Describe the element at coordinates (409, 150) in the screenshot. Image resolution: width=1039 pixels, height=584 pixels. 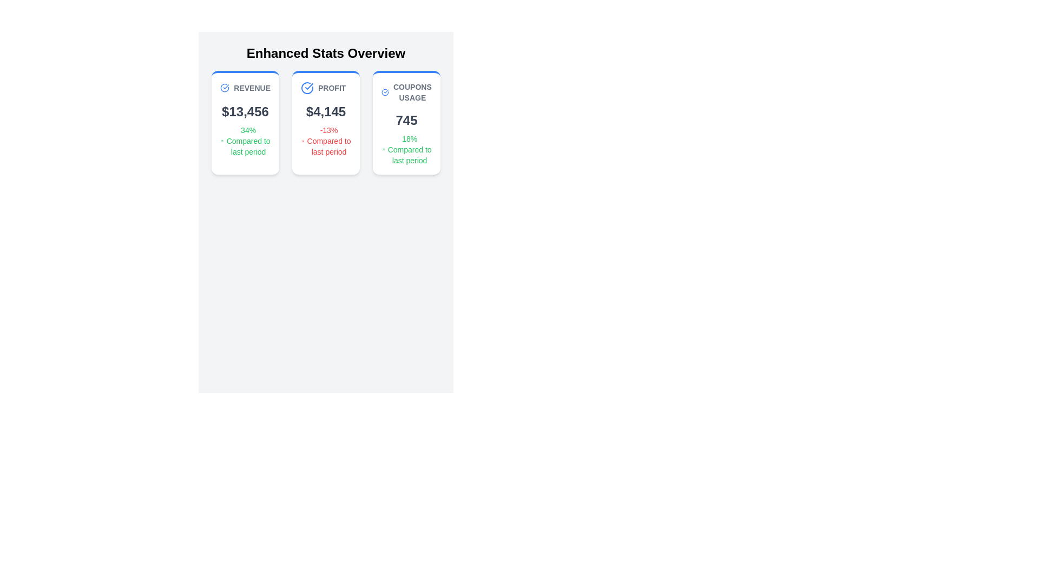
I see `the text displaying an 18% increase in the 'COUPONS USAGE' card, located beneath the numeric value '745' and the upward arrow icon` at that location.